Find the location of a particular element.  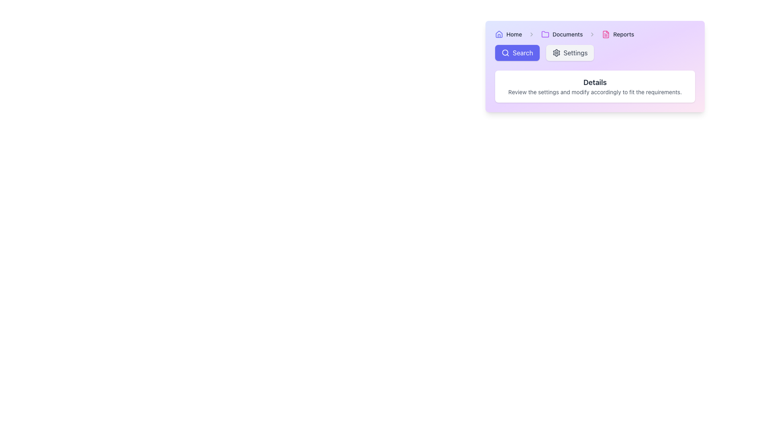

the settings icon located on the pink button labeled 'Settings' is located at coordinates (556, 53).